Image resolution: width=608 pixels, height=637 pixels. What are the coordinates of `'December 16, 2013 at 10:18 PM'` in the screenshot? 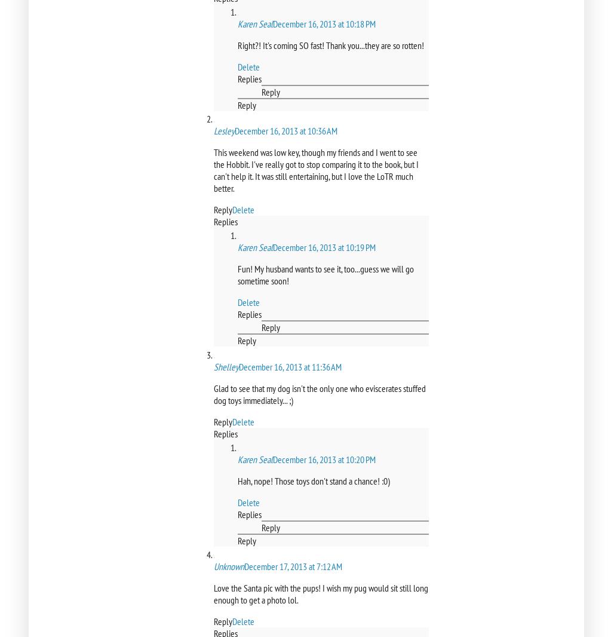 It's located at (324, 23).